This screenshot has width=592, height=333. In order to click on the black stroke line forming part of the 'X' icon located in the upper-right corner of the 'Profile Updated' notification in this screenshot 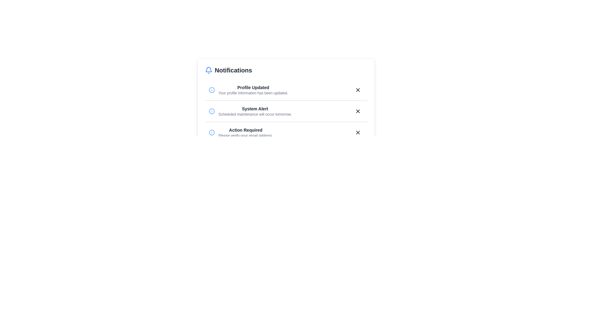, I will do `click(358, 90)`.